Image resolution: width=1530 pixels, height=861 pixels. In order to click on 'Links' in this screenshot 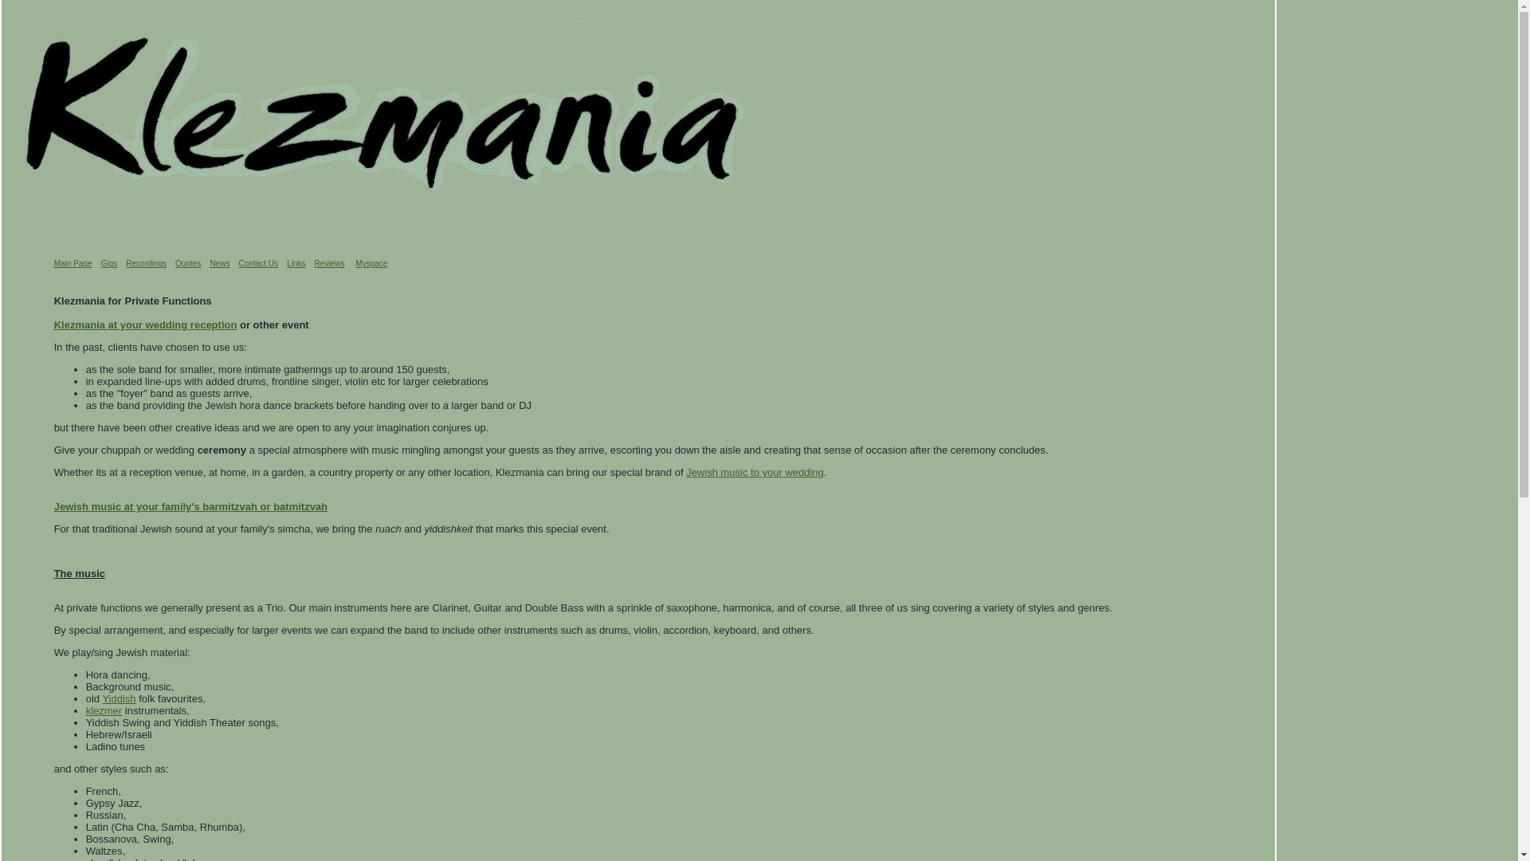, I will do `click(296, 262)`.